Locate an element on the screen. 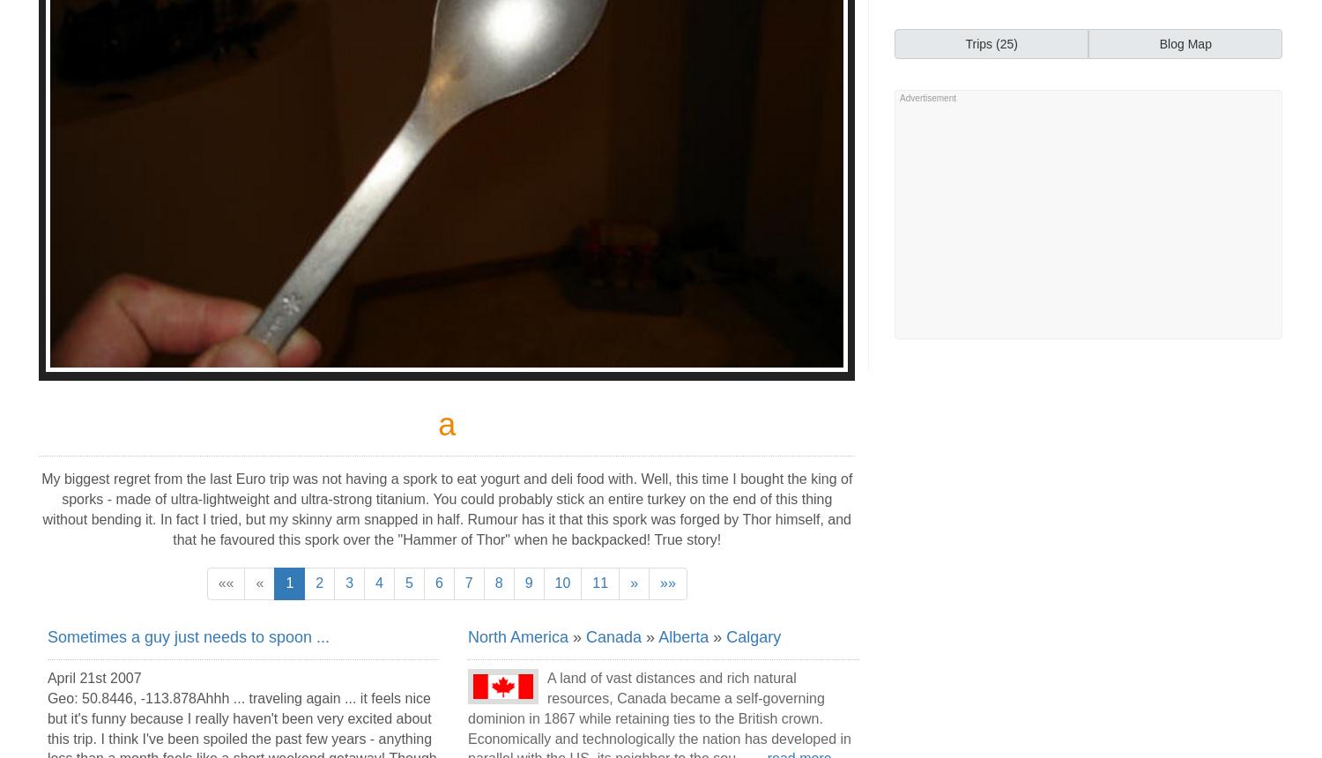  'Canada' is located at coordinates (613, 636).